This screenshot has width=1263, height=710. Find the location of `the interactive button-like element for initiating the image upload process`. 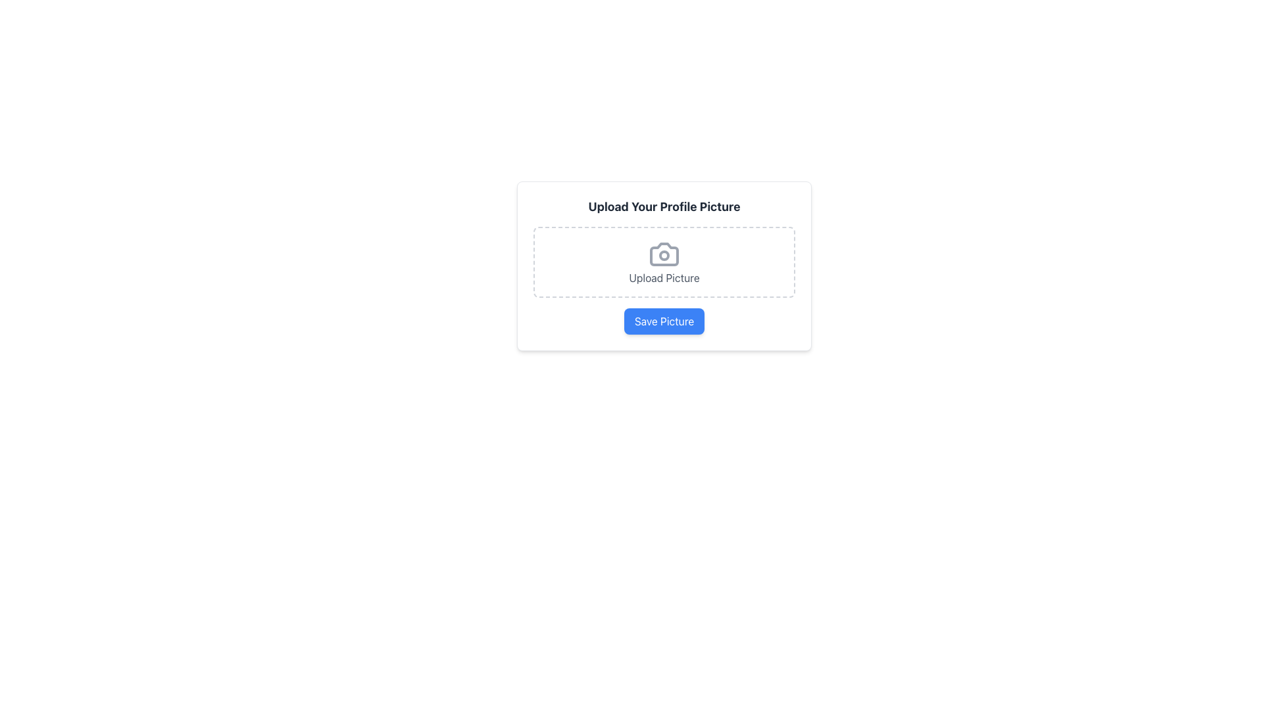

the interactive button-like element for initiating the image upload process is located at coordinates (664, 262).